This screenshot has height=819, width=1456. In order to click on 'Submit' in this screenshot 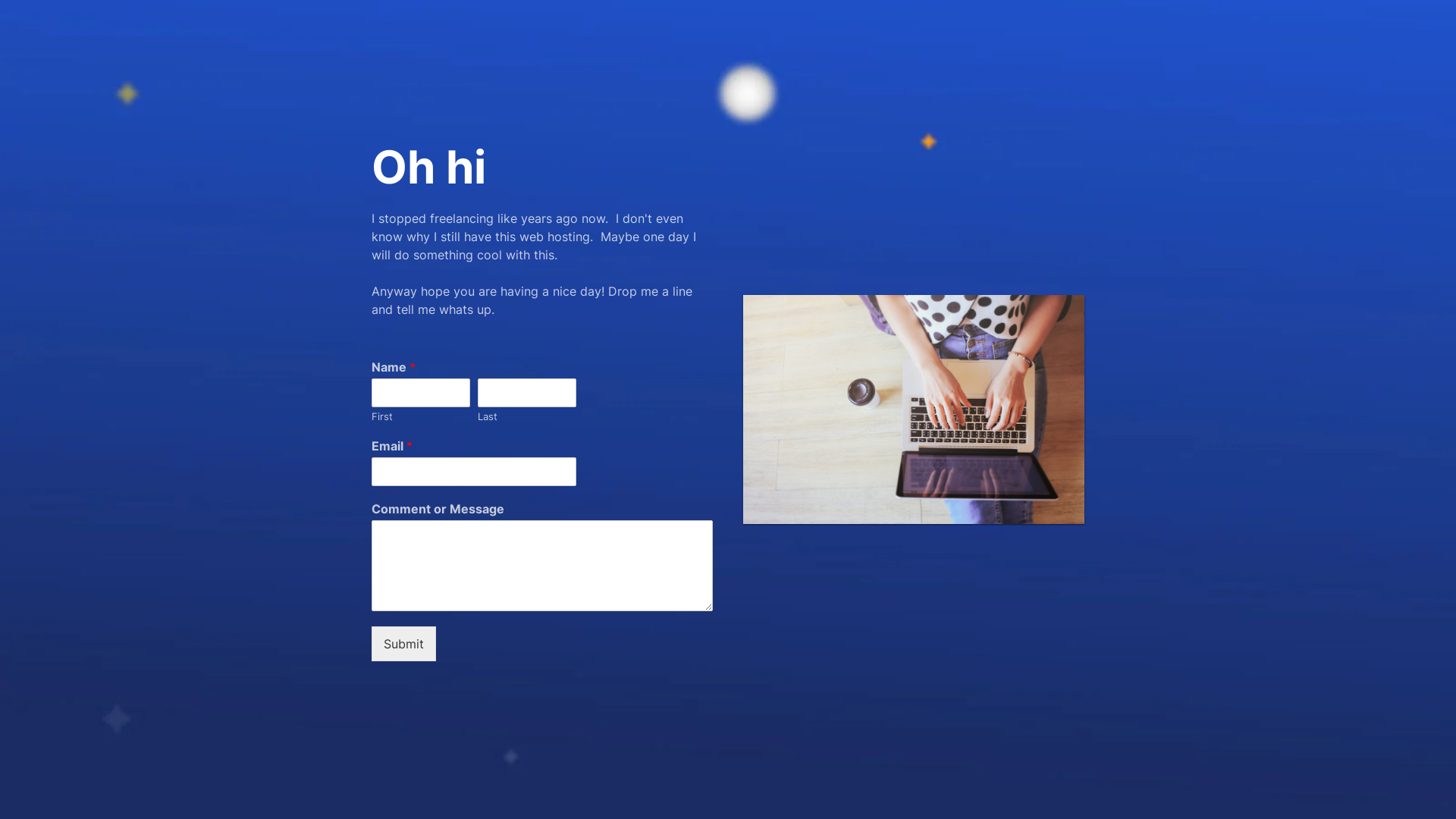, I will do `click(403, 643)`.